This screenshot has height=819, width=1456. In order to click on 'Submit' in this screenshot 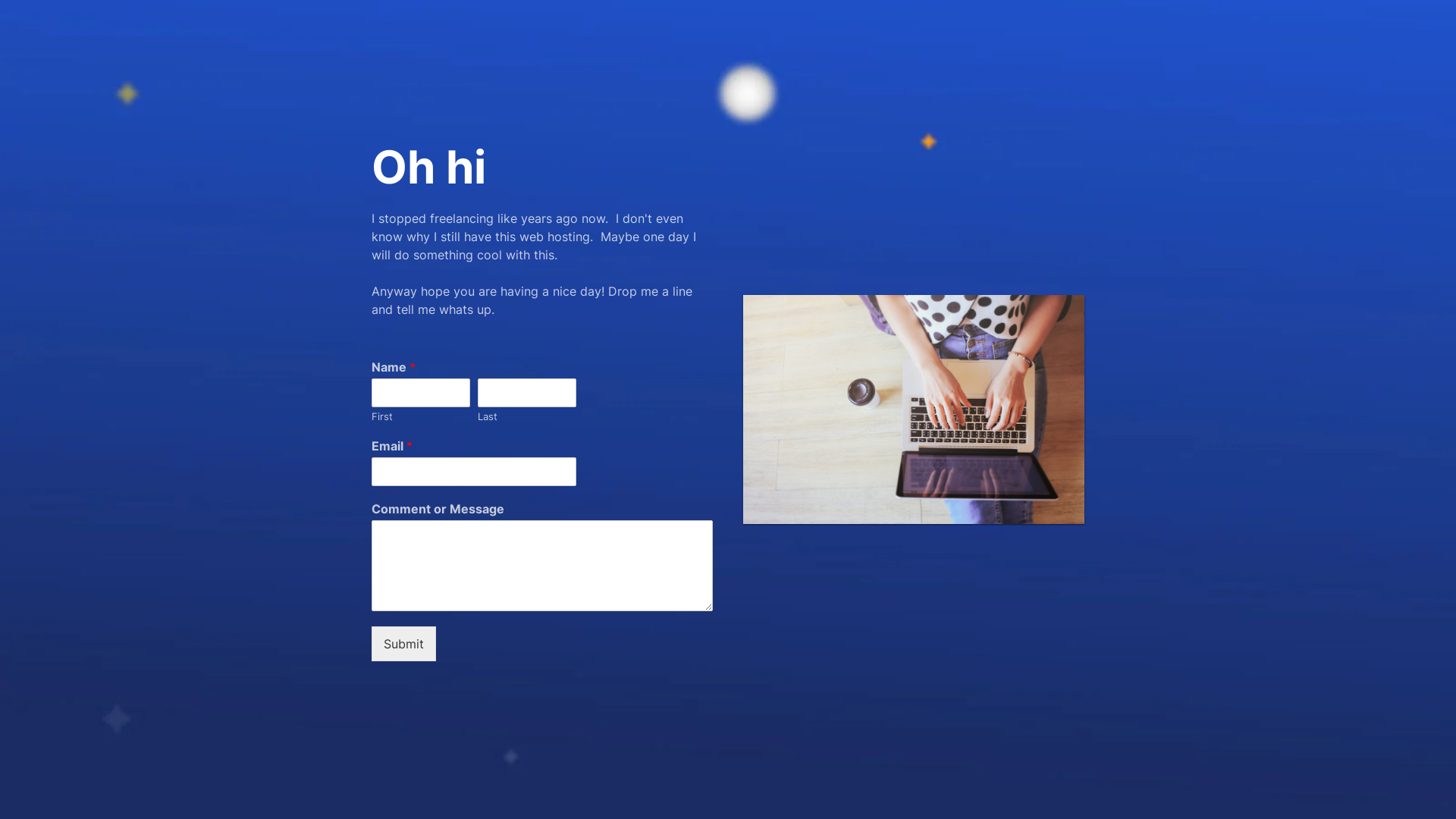, I will do `click(403, 643)`.